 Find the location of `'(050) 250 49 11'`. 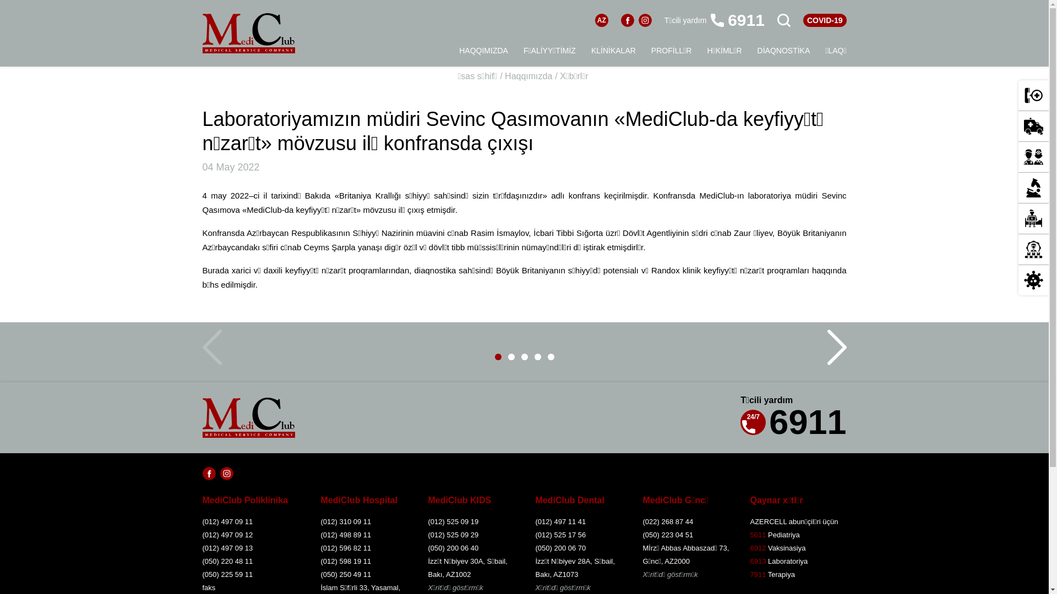

'(050) 250 49 11' is located at coordinates (364, 574).